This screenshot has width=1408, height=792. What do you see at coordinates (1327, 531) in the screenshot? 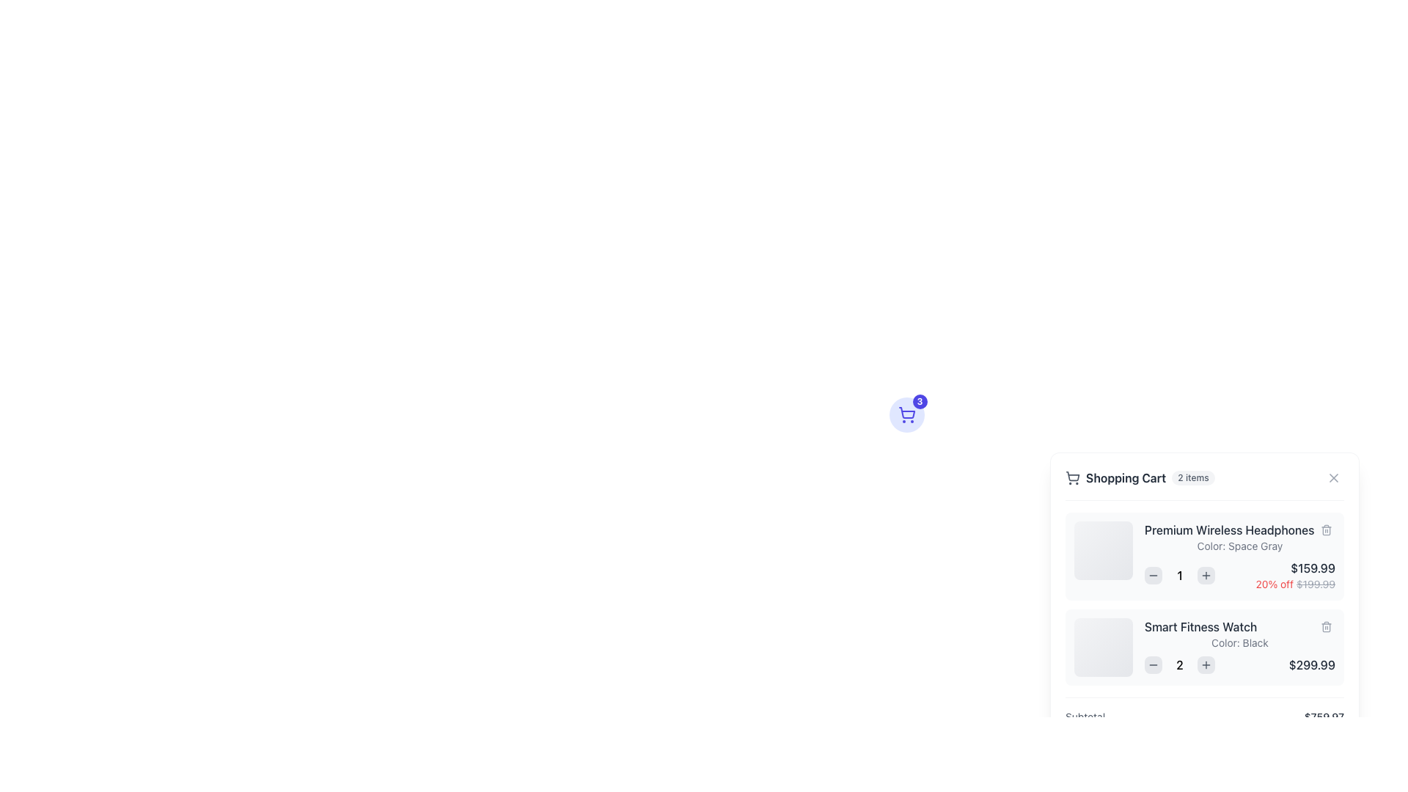
I see `the body of the trash can icon, which is part of the minimalist outline style located on the right side of the 'Premium Wireless Headphones' item in the shopping cart interface` at bounding box center [1327, 531].